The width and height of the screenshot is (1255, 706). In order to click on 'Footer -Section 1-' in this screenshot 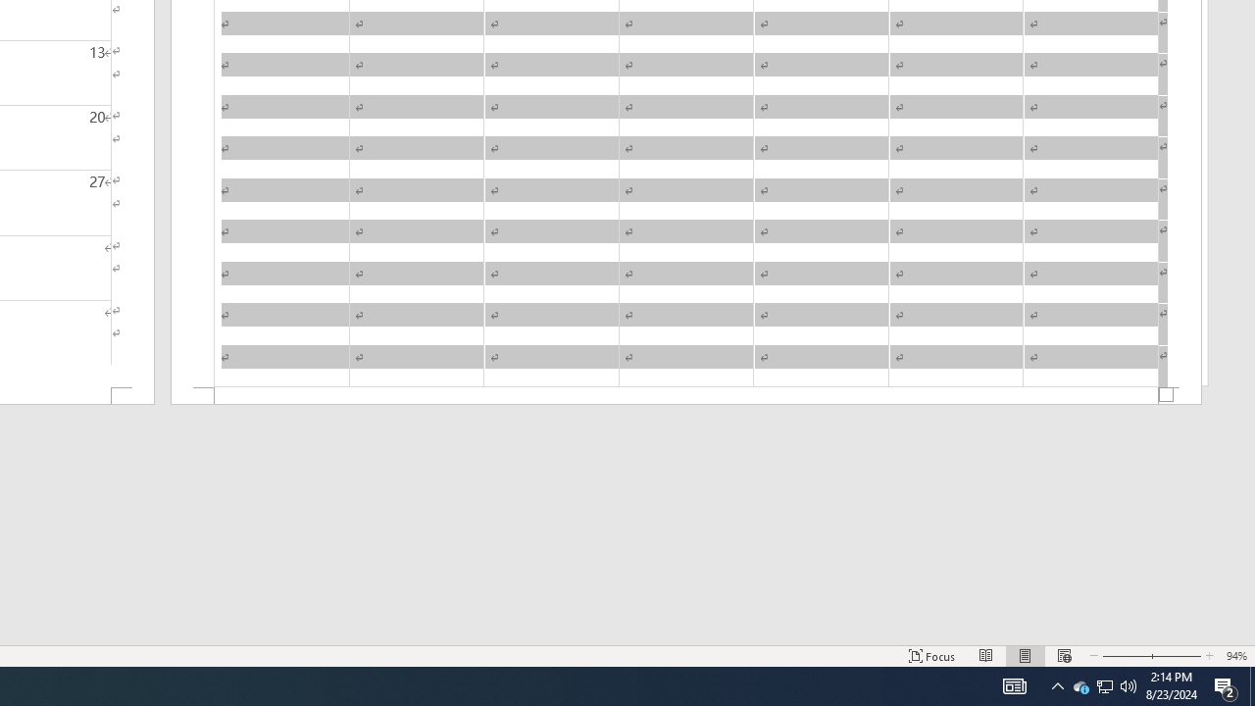, I will do `click(686, 396)`.